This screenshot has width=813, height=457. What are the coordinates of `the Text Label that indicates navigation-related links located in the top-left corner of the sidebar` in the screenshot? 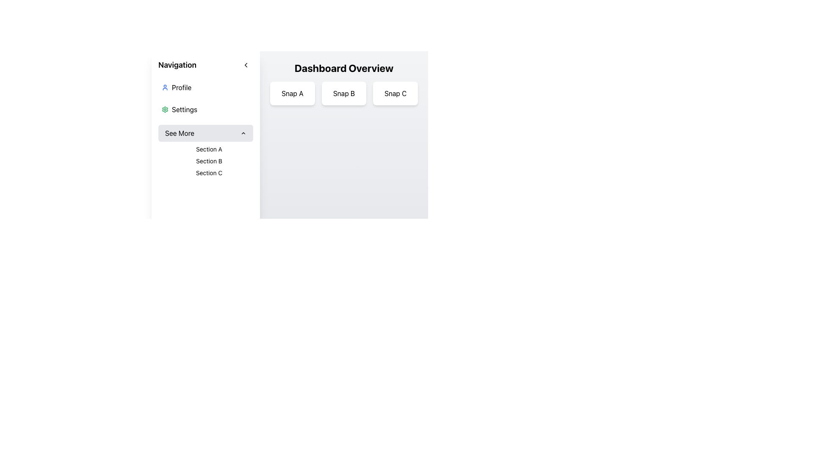 It's located at (177, 65).